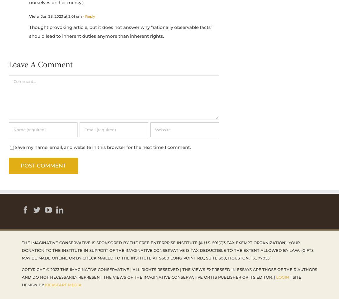 This screenshot has height=299, width=339. Describe the element at coordinates (121, 31) in the screenshot. I see `'Thought provoking article, but it does not answer why “rationally observable facts” should lead to inherent duties anymore than inherent rights.'` at that location.